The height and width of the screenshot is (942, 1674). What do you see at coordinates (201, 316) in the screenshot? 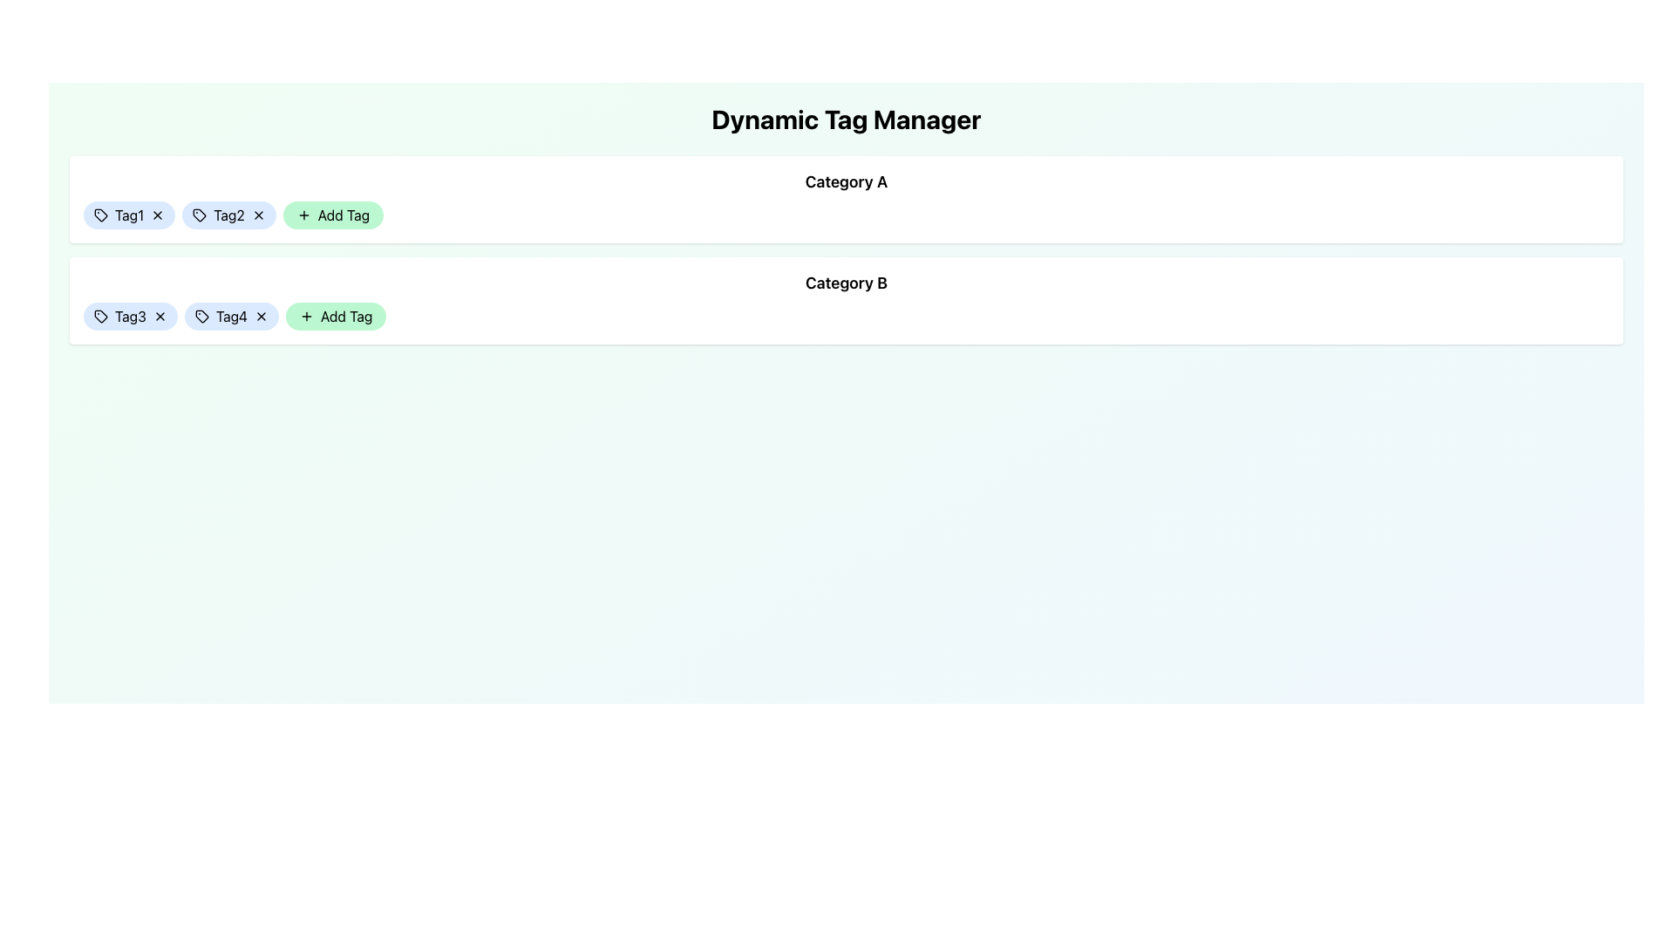
I see `the tag-shaped icon associated with the Tag4 label in Category B, located to the left of the Tag4 text` at bounding box center [201, 316].